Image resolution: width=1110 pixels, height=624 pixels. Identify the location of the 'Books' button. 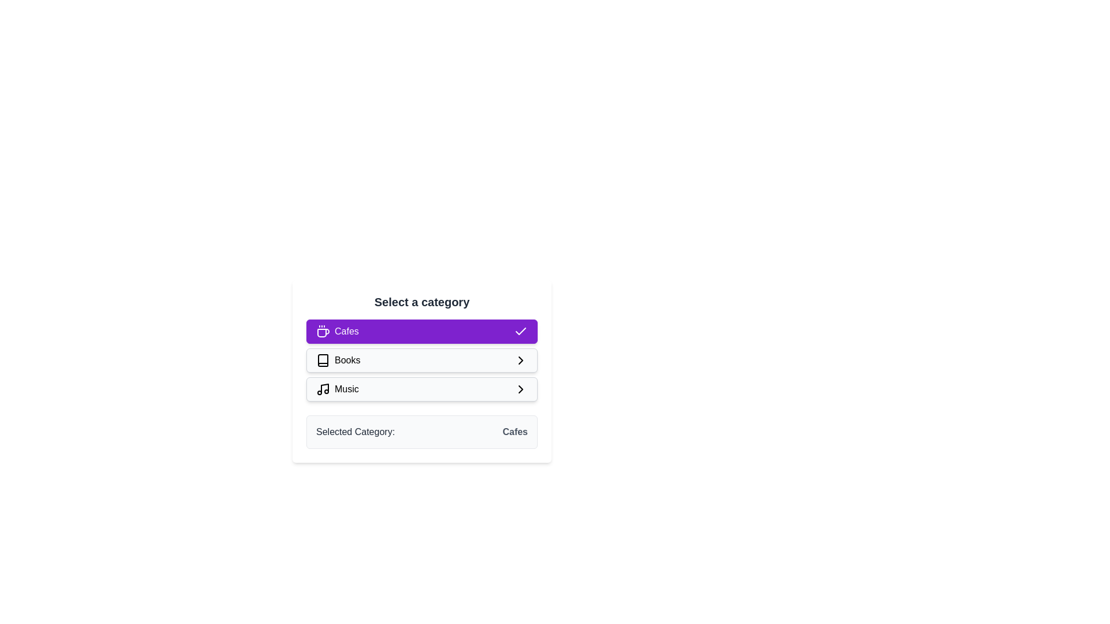
(421, 360).